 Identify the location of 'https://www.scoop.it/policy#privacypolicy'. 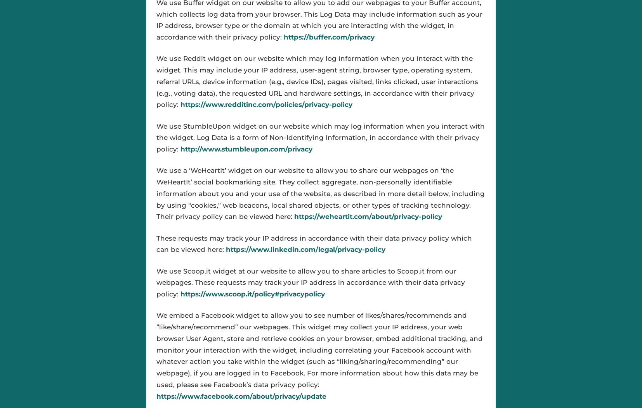
(252, 294).